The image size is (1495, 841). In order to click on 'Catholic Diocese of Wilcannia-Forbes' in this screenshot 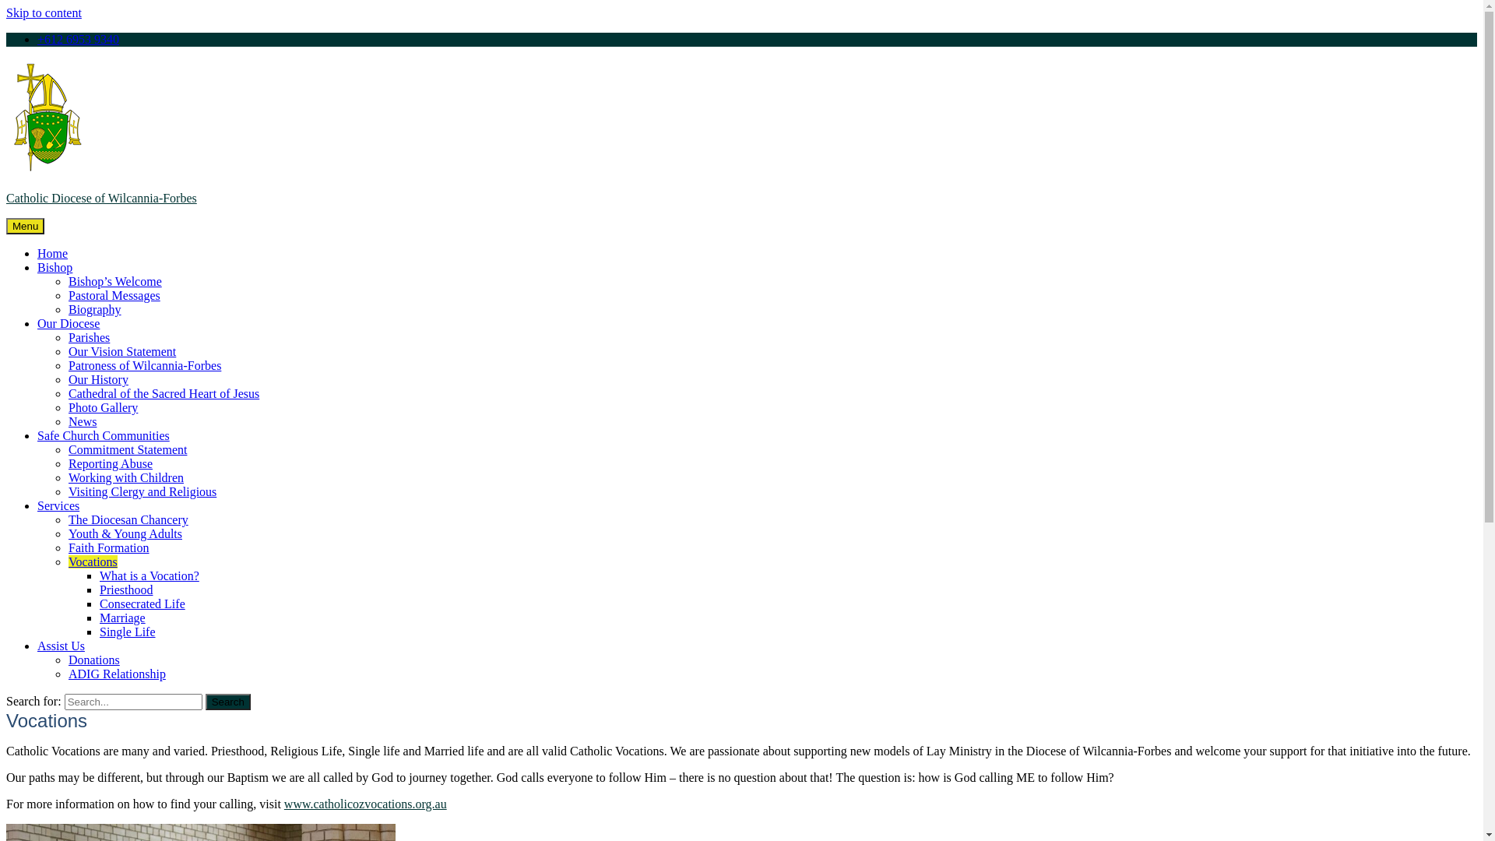, I will do `click(100, 197)`.